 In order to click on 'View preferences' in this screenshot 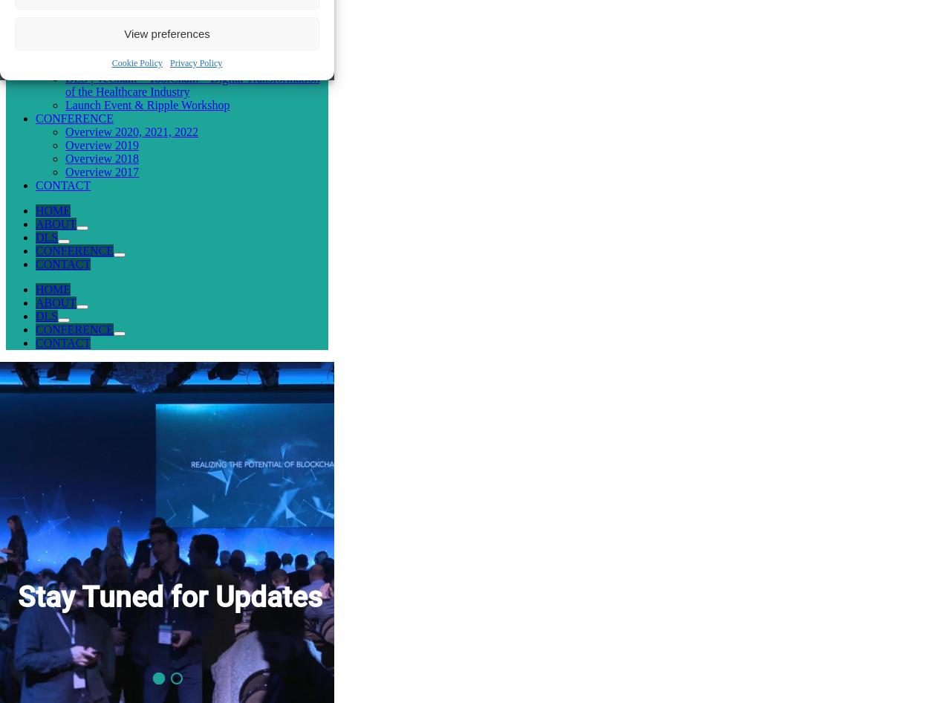, I will do `click(166, 33)`.